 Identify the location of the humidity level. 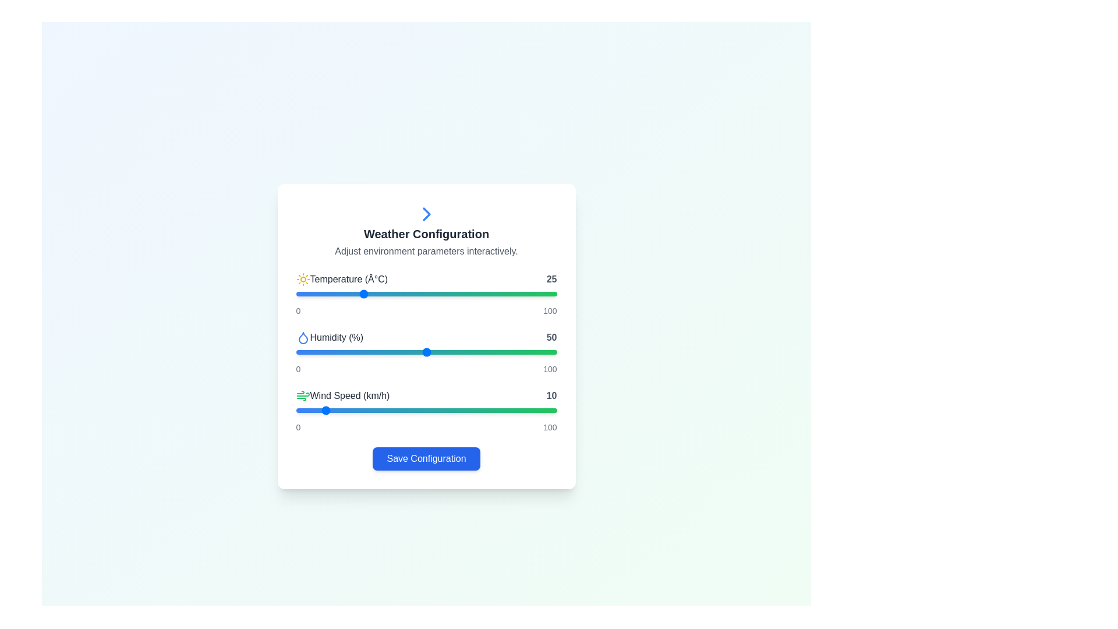
(309, 352).